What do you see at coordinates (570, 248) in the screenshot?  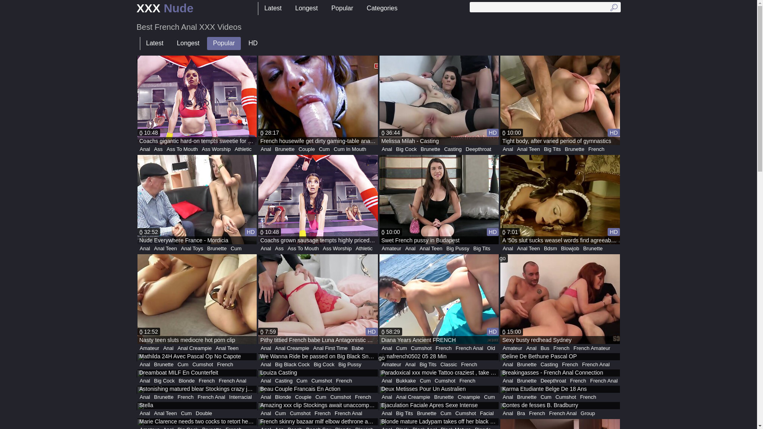 I see `'Blowjob'` at bounding box center [570, 248].